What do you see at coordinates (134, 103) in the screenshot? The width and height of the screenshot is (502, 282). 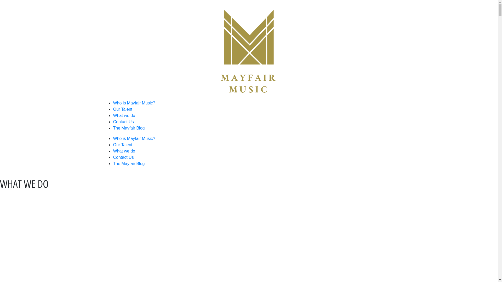 I see `'Who is Mayfair Music?'` at bounding box center [134, 103].